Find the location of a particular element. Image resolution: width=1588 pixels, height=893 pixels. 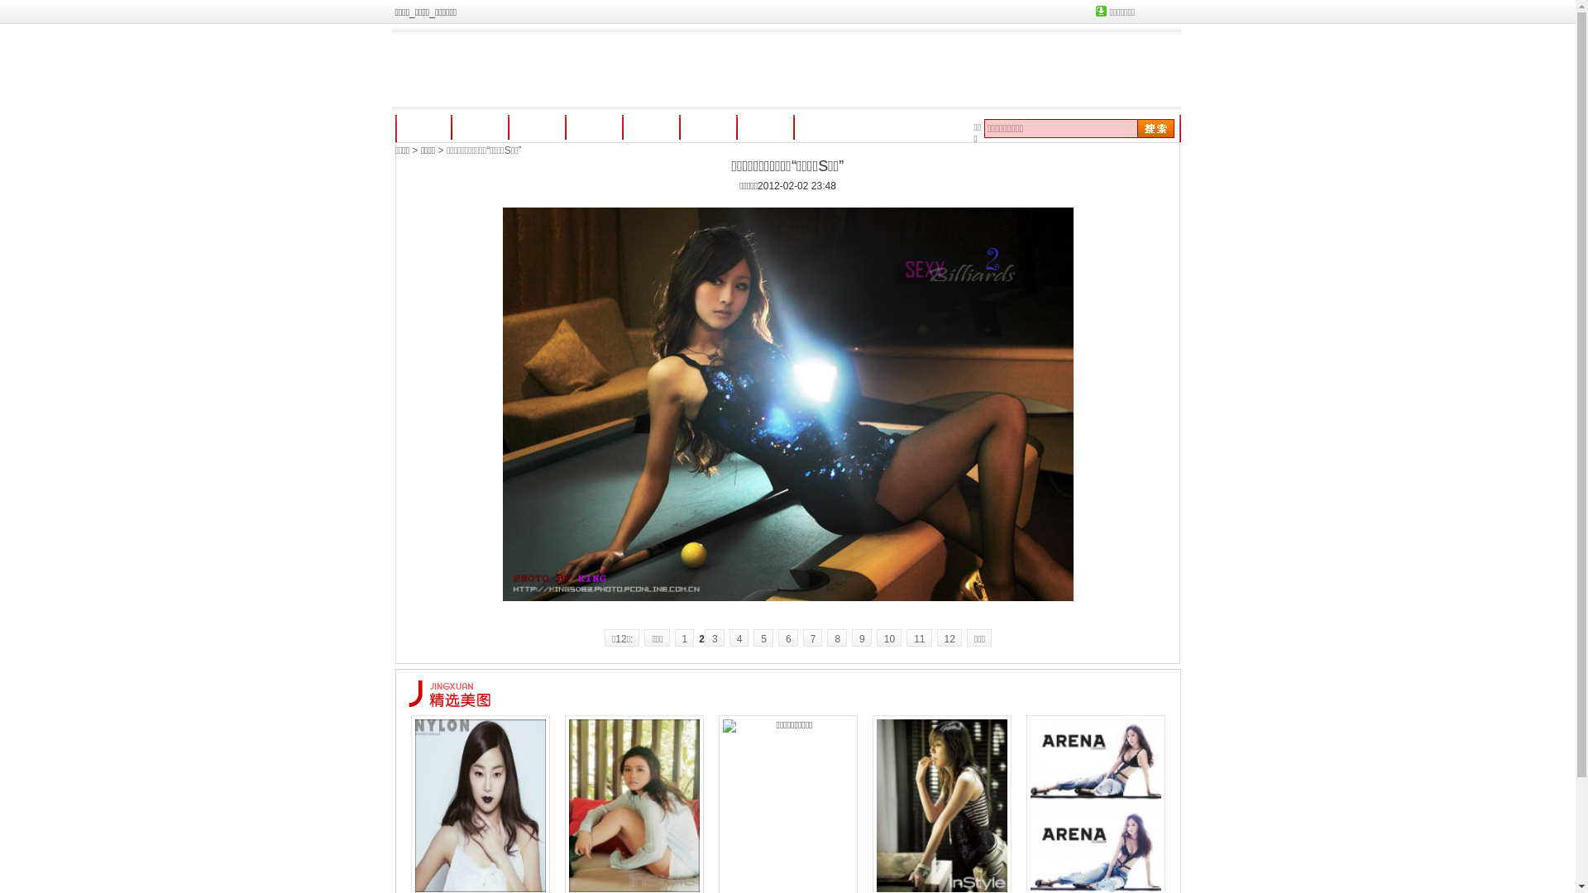

'11' is located at coordinates (917, 637).